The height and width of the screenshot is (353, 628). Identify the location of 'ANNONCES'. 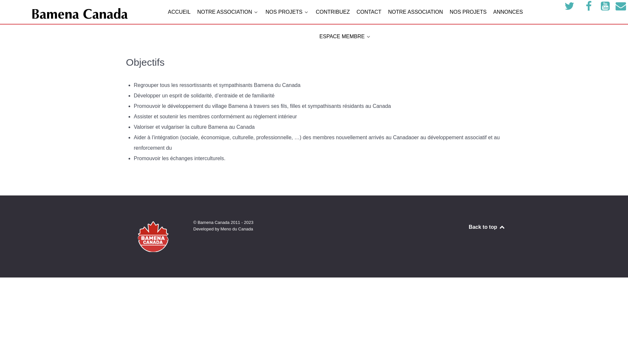
(508, 12).